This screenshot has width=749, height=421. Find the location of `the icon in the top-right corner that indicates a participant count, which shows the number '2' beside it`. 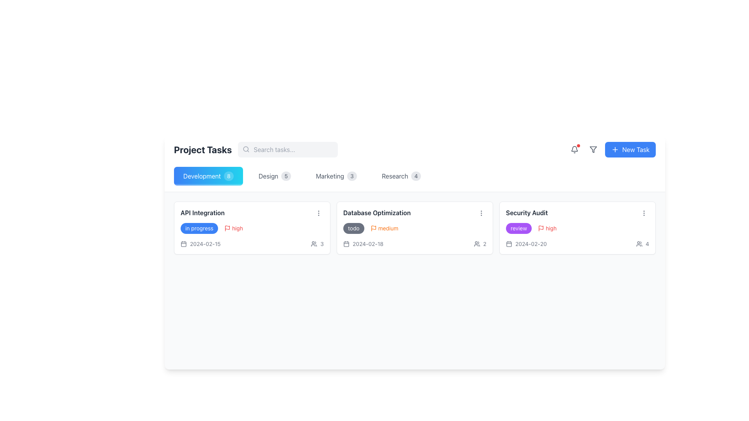

the icon in the top-right corner that indicates a participant count, which shows the number '2' beside it is located at coordinates (476, 243).